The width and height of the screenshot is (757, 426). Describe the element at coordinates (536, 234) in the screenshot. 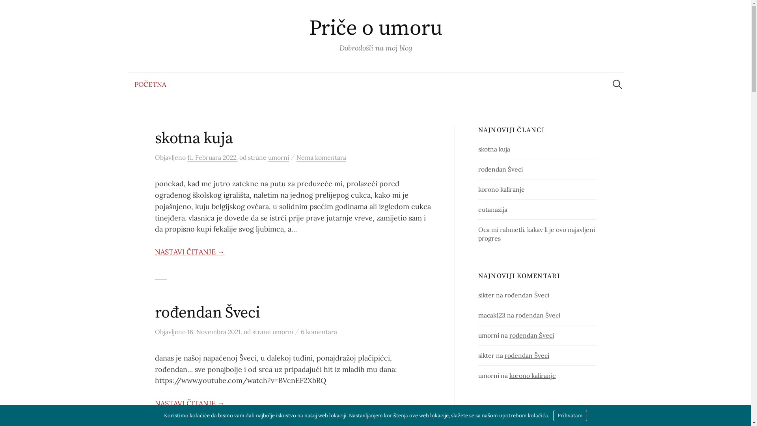

I see `'Oca mi rahmetli, kakav li je ovo najavljeni progres'` at that location.